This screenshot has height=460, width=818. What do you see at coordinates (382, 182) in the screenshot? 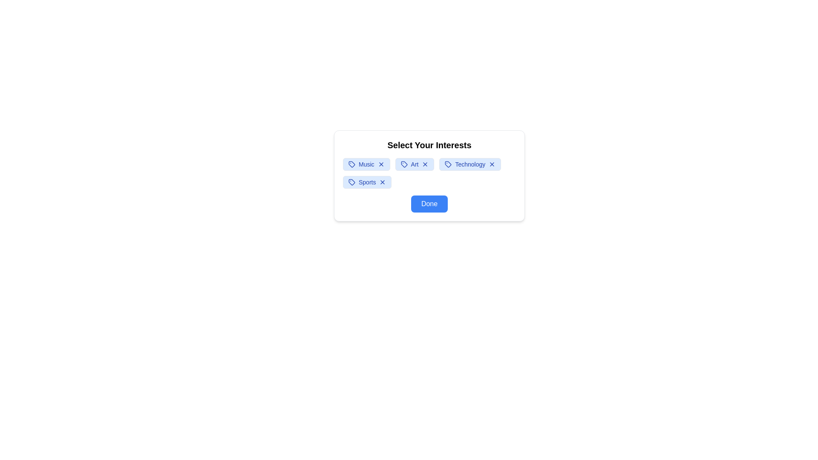
I see `close (X) button on the interest tag labeled Sports` at bounding box center [382, 182].